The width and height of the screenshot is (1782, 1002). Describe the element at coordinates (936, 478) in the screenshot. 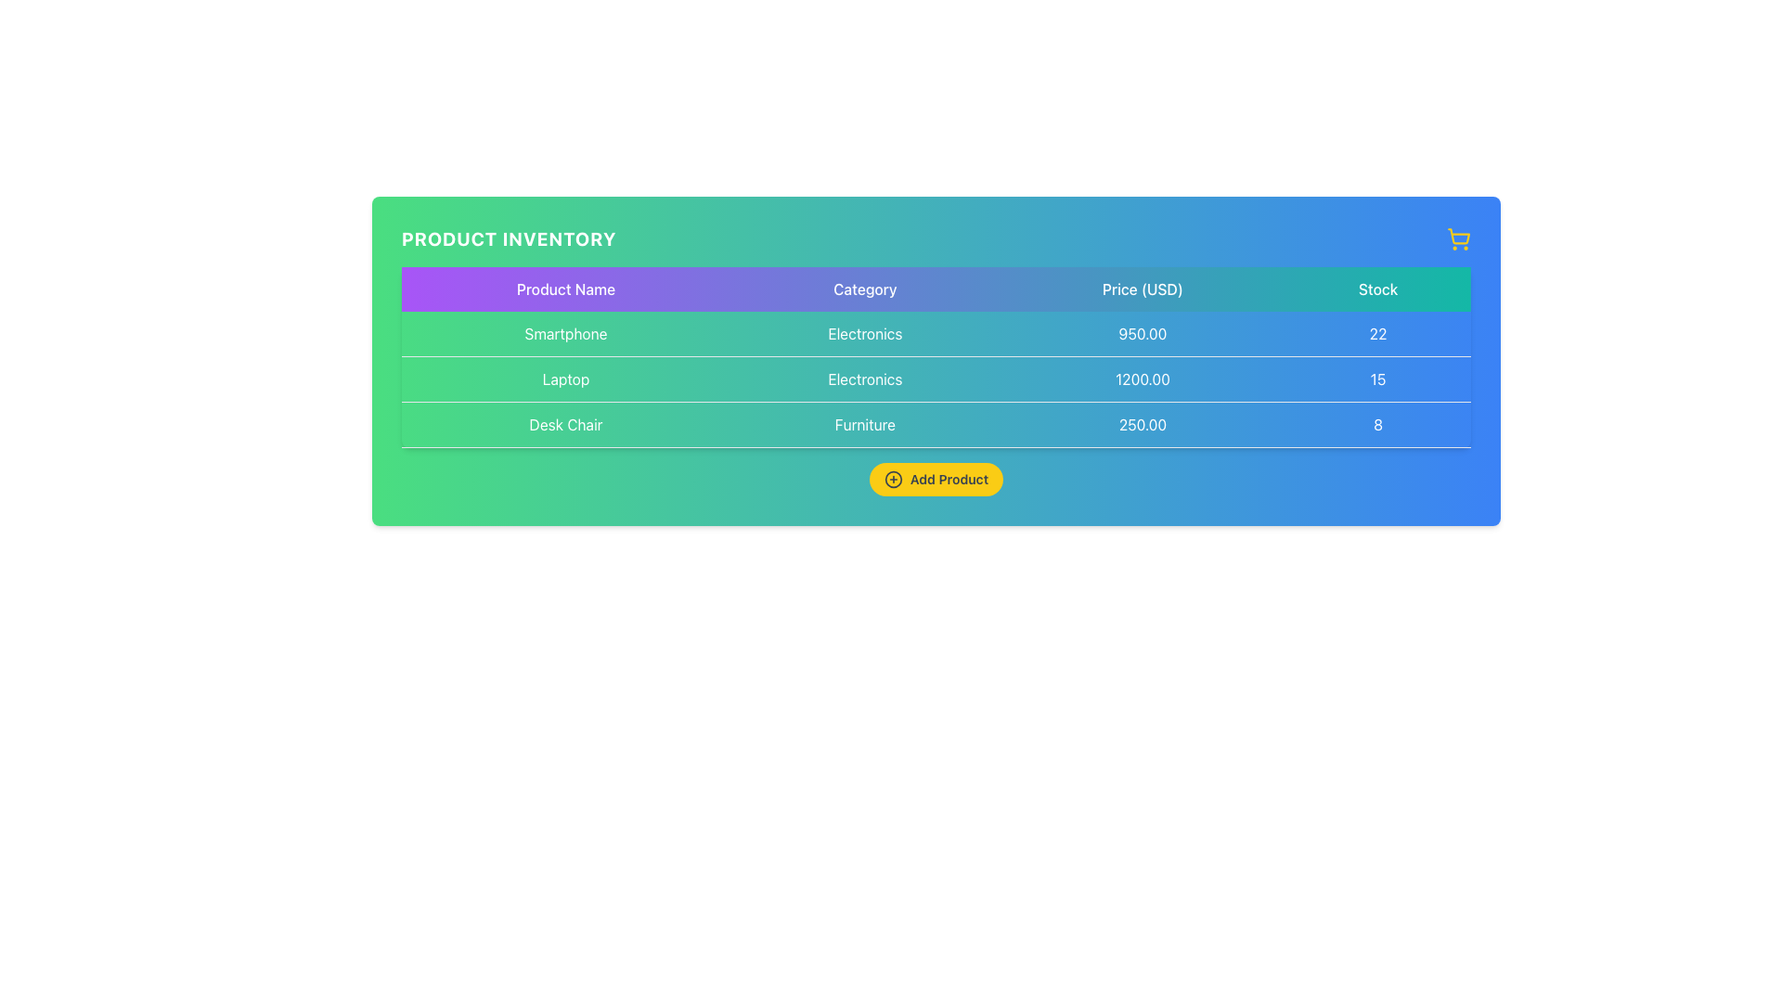

I see `the button located at the bottom center of the interface` at that location.